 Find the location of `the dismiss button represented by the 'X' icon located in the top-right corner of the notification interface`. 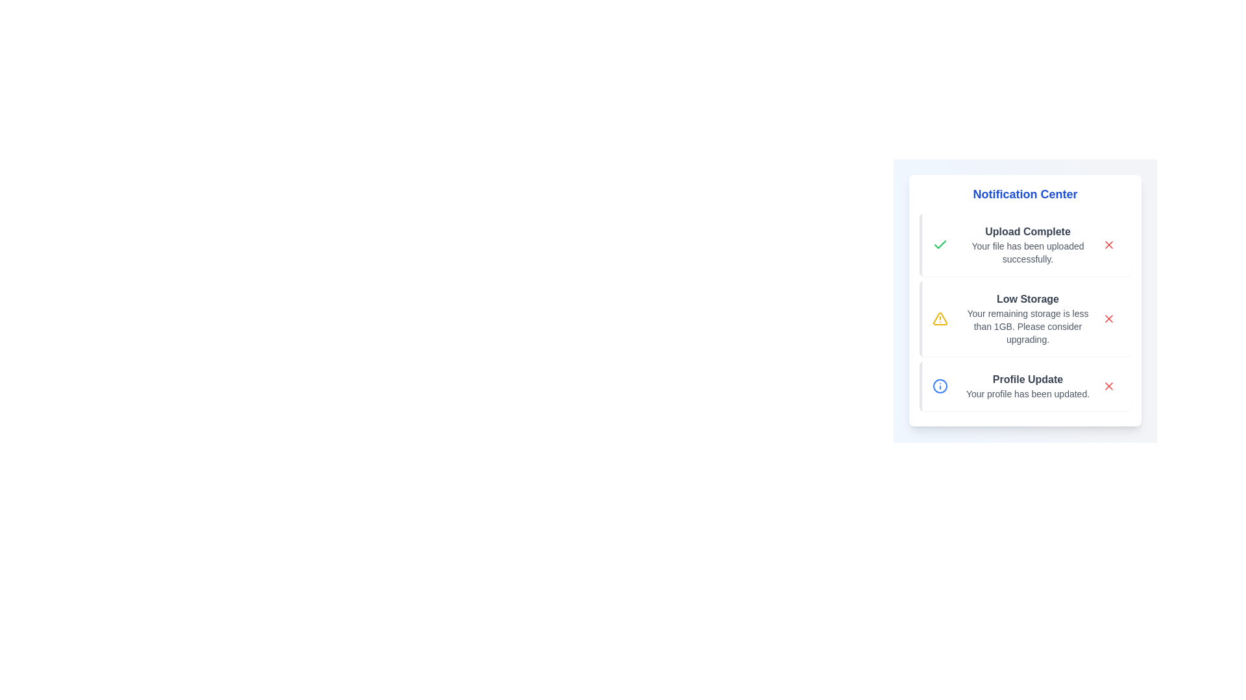

the dismiss button represented by the 'X' icon located in the top-right corner of the notification interface is located at coordinates (1108, 319).